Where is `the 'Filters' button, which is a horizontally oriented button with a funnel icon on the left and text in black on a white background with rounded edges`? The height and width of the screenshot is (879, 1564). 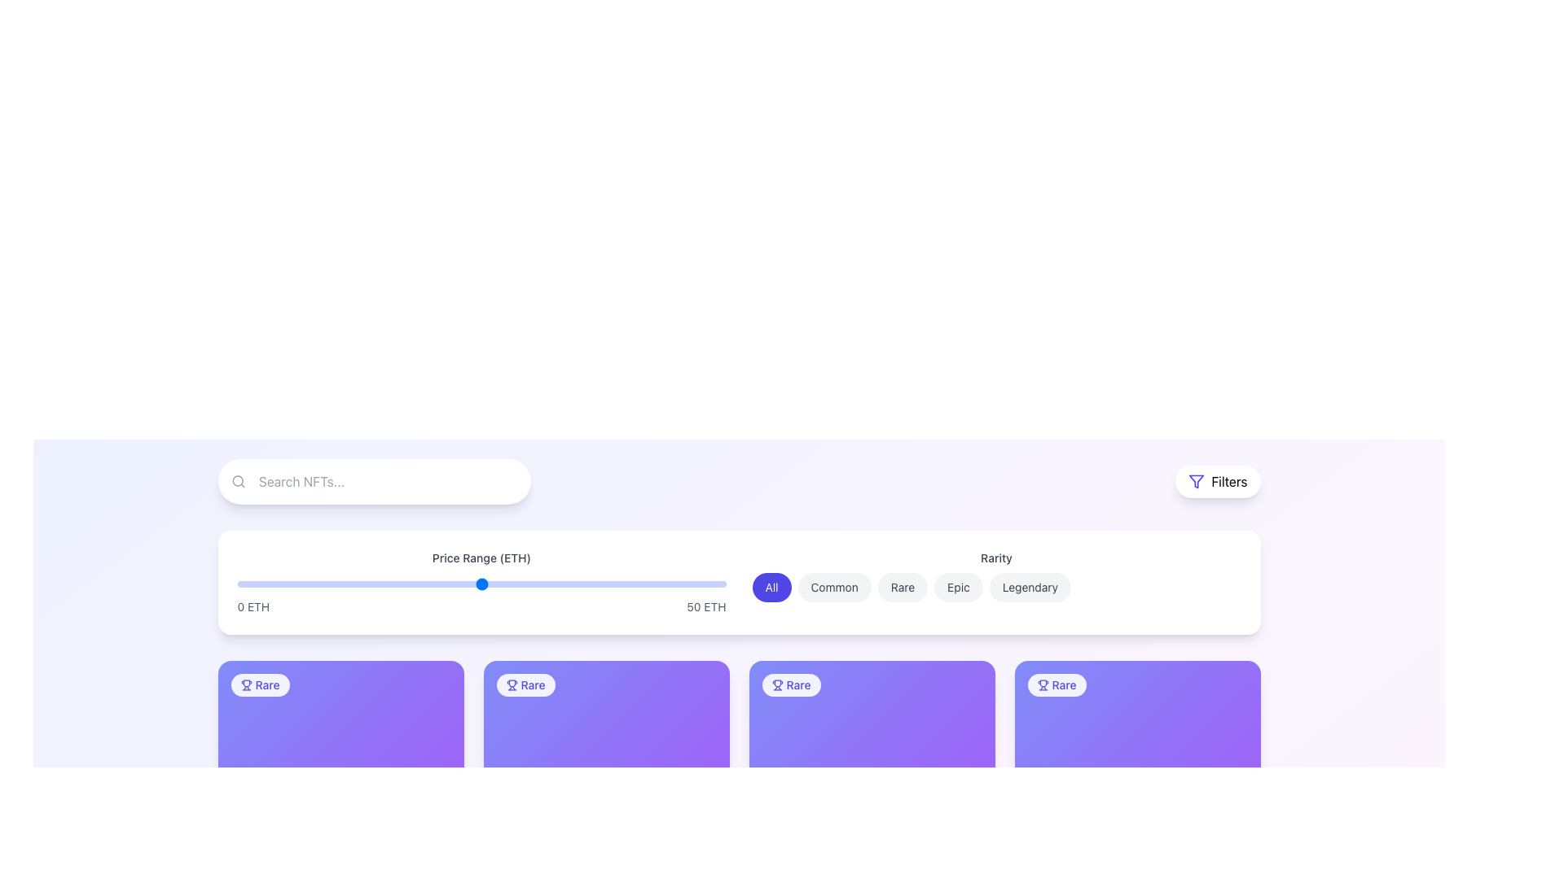
the 'Filters' button, which is a horizontally oriented button with a funnel icon on the left and text in black on a white background with rounded edges is located at coordinates (1218, 480).